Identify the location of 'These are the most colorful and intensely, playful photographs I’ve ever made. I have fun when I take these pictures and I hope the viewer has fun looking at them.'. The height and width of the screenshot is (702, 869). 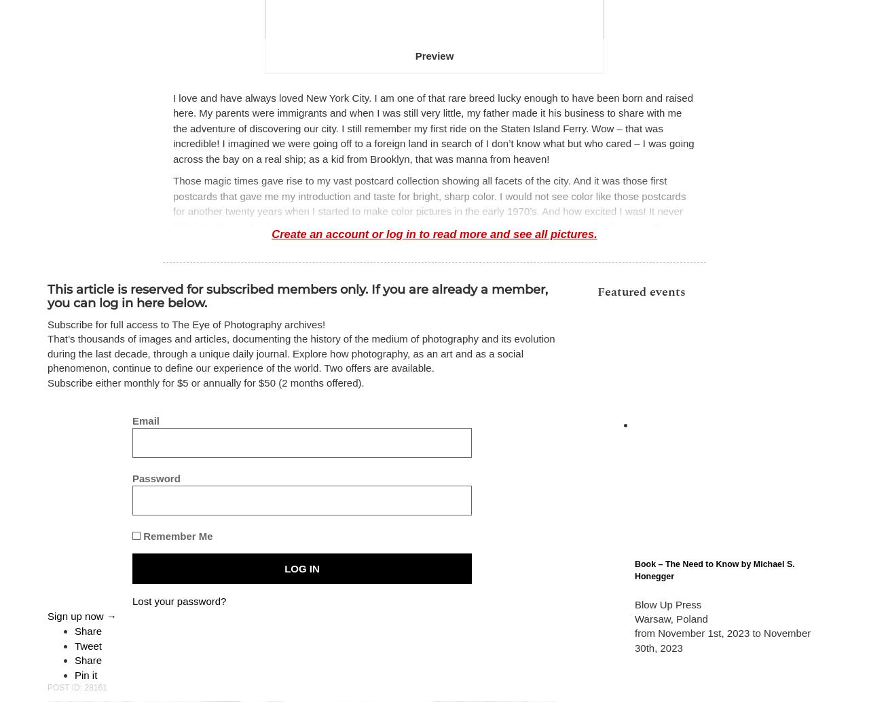
(432, 473).